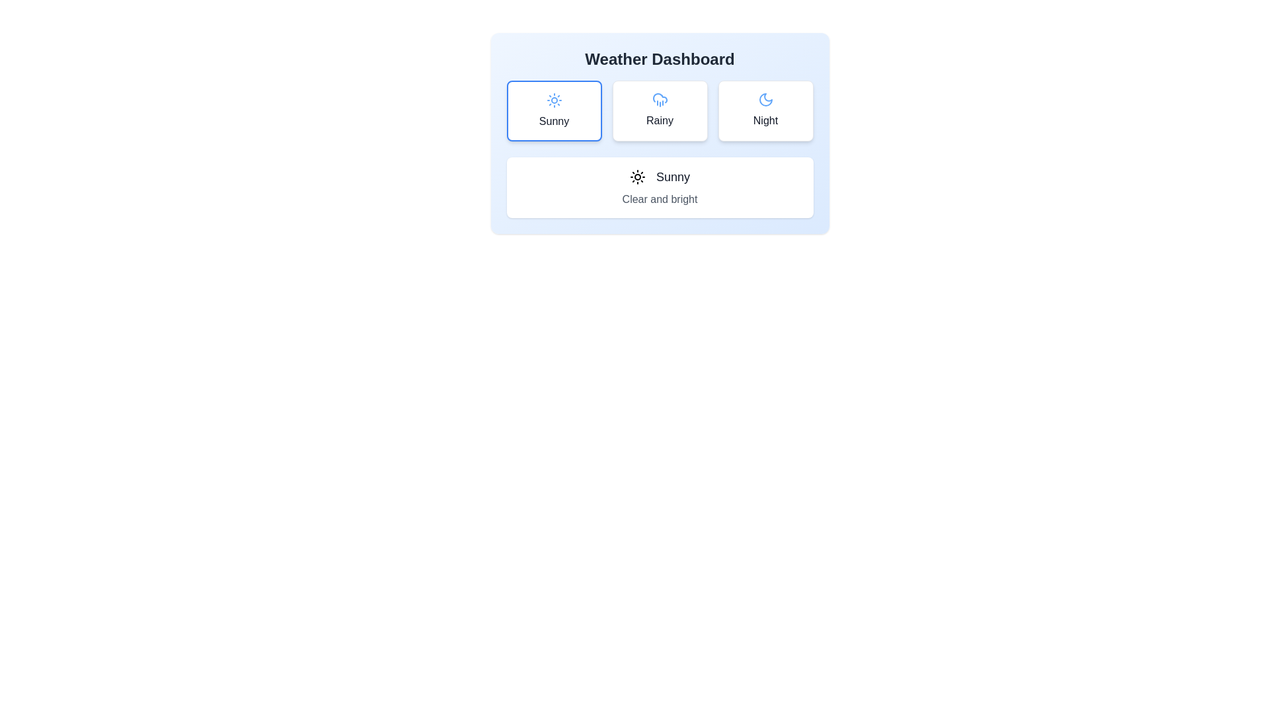 This screenshot has height=714, width=1269. I want to click on the text label displaying 'Clear and bright' which is styled with a small size and light gray color, located below the header 'Sunny' in the card component, so click(660, 199).